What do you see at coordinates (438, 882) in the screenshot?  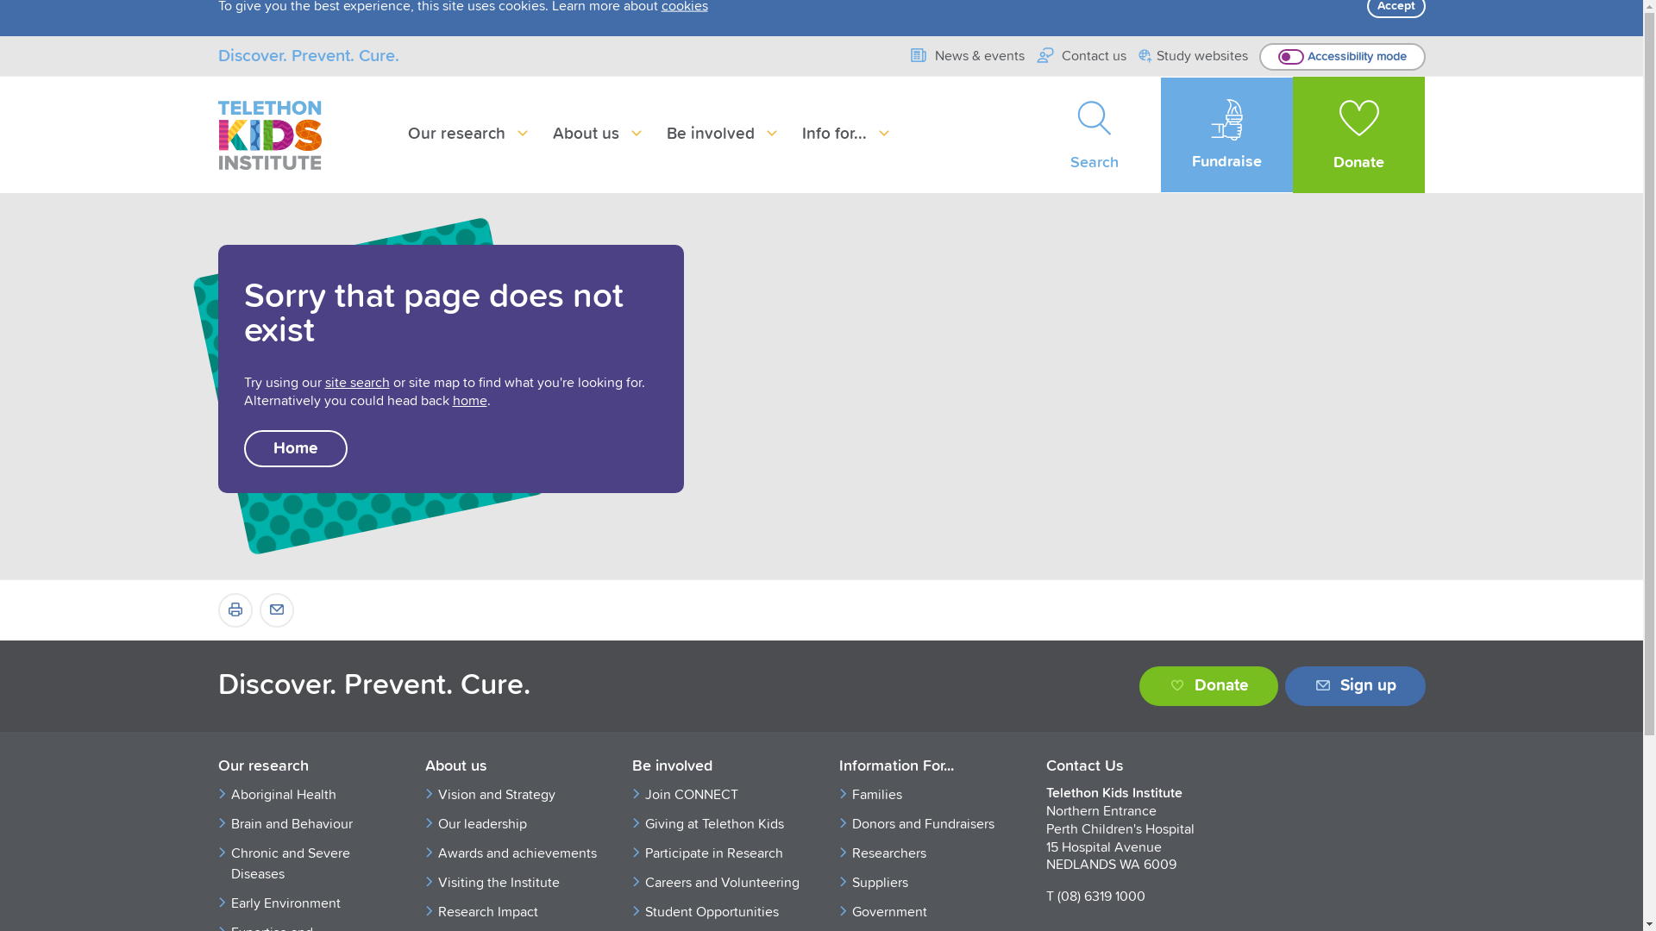 I see `'Visiting the Institute'` at bounding box center [438, 882].